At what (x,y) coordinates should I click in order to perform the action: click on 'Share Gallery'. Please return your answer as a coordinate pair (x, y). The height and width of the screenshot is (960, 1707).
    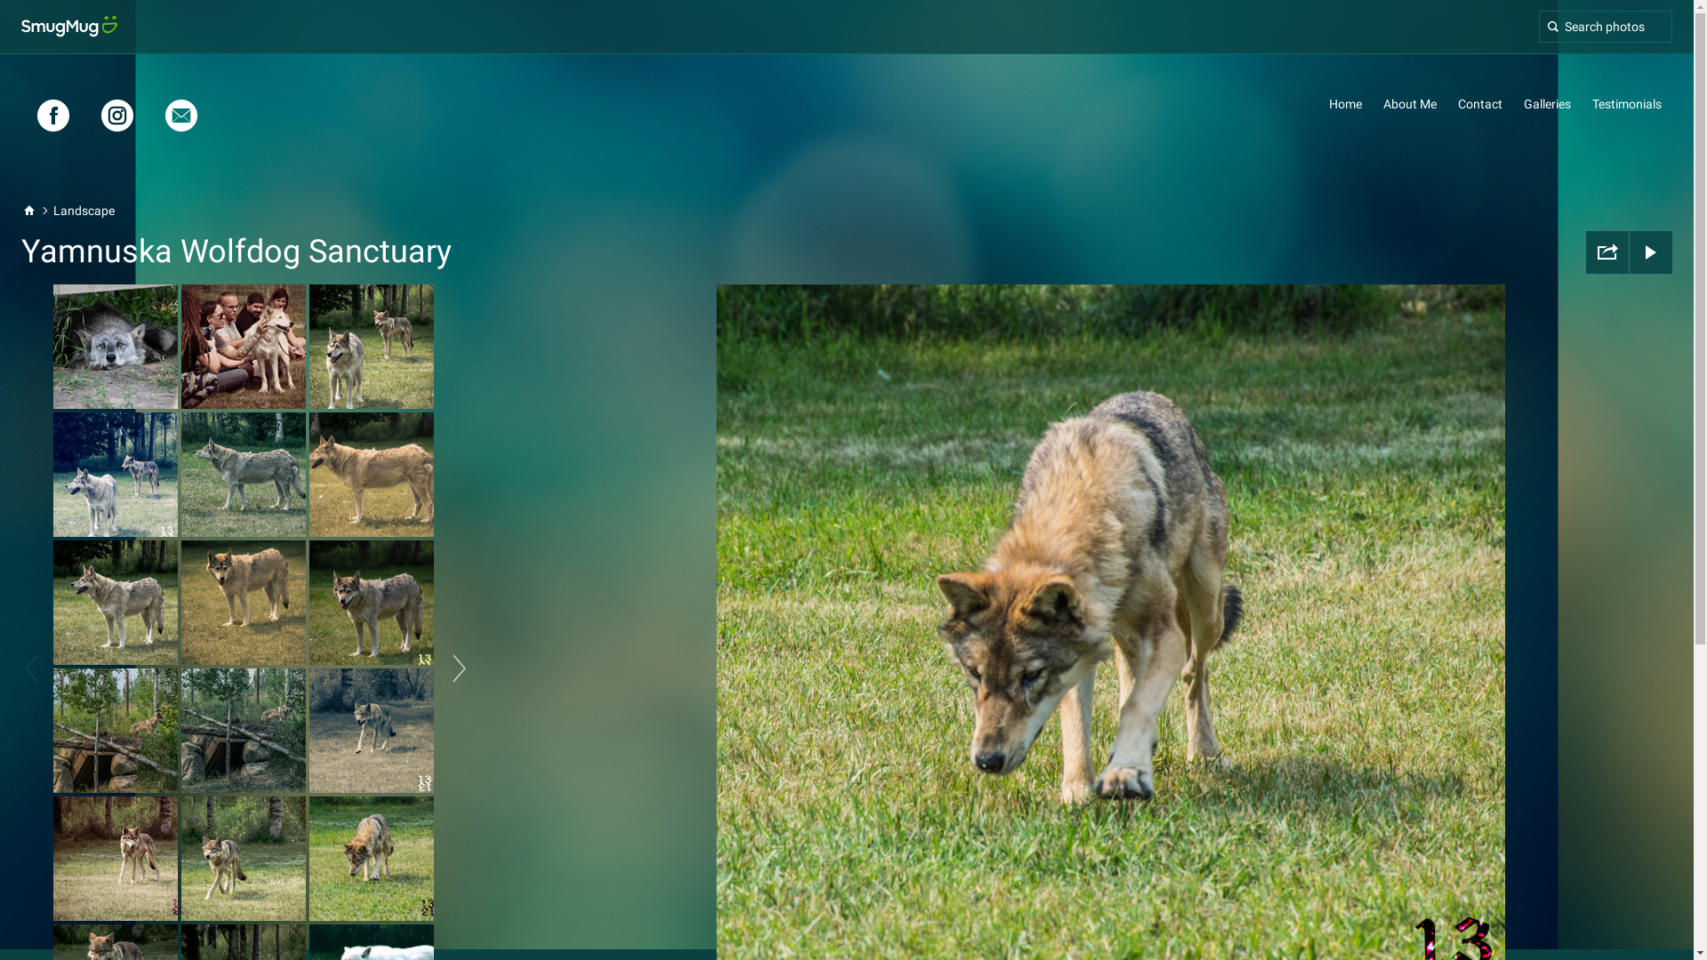
    Looking at the image, I should click on (1607, 252).